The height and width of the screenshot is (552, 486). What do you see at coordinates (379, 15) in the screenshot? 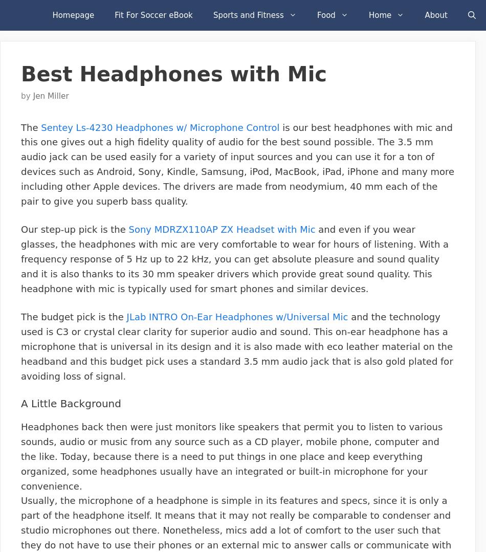
I see `'Home'` at bounding box center [379, 15].